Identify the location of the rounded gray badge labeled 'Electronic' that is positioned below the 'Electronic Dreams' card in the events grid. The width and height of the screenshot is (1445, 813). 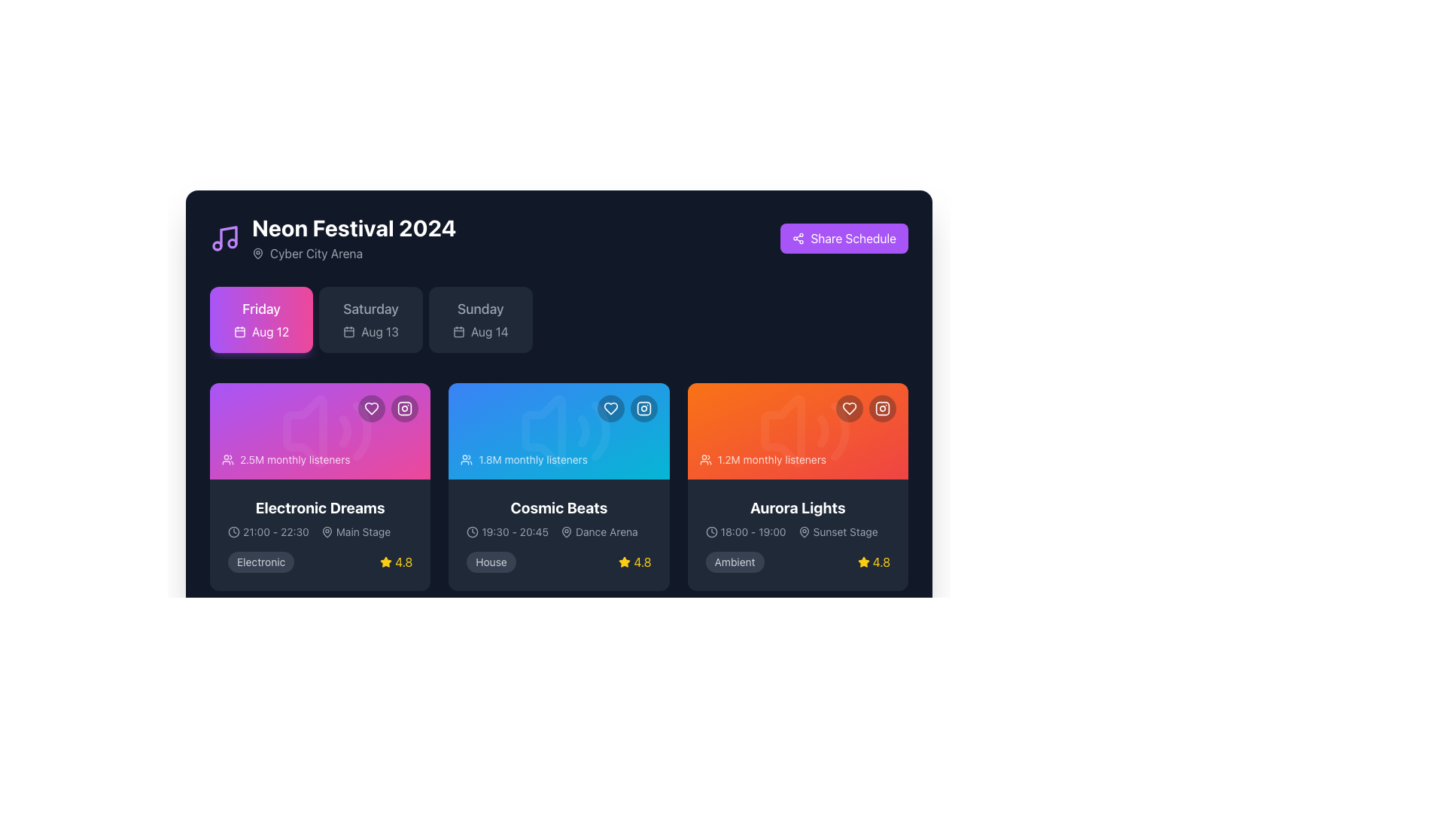
(261, 562).